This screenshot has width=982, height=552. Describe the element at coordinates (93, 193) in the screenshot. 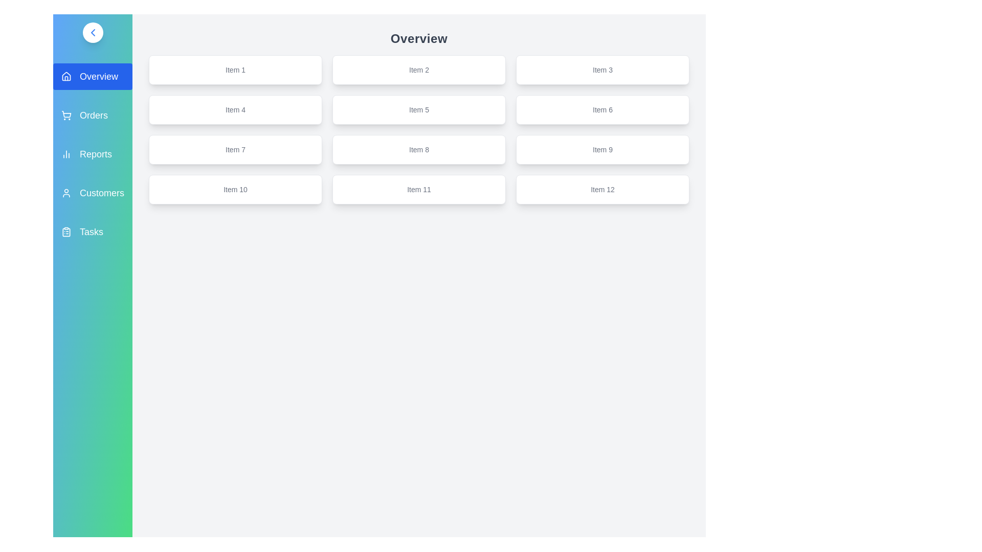

I see `the sidebar menu item labeled Customers` at that location.